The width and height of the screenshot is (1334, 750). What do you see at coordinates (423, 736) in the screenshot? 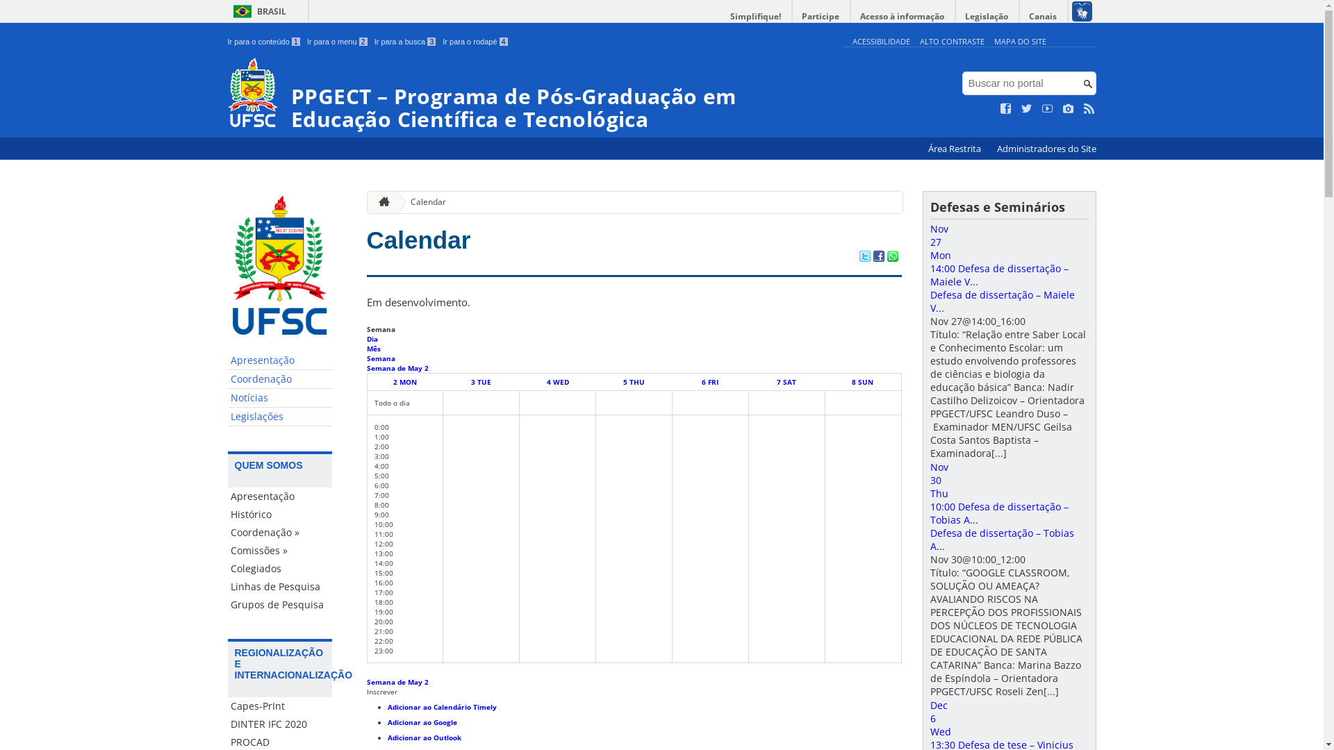
I see `'Adicionar ao Outlook'` at bounding box center [423, 736].